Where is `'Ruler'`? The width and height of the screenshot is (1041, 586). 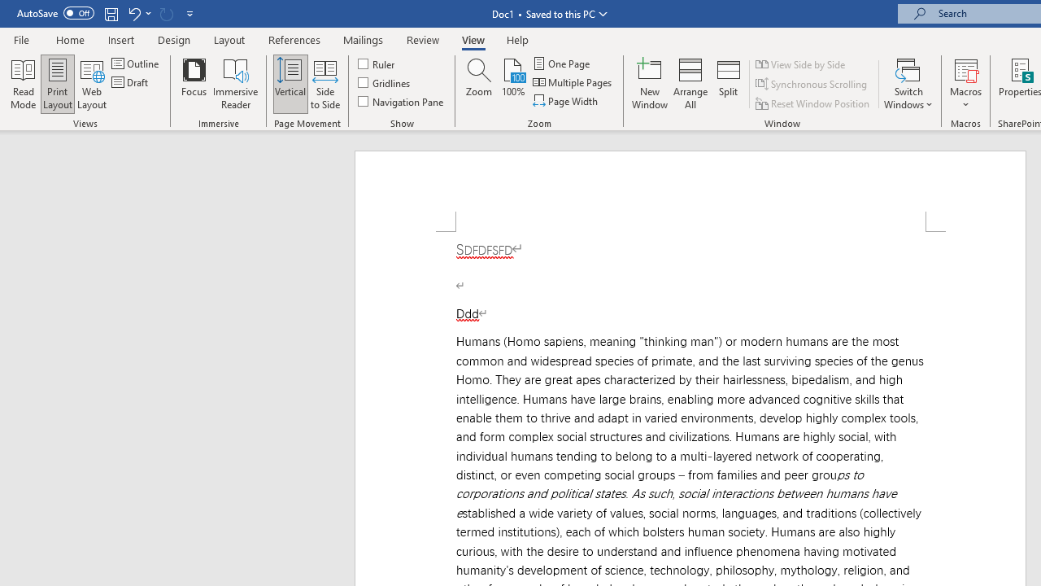 'Ruler' is located at coordinates (377, 63).